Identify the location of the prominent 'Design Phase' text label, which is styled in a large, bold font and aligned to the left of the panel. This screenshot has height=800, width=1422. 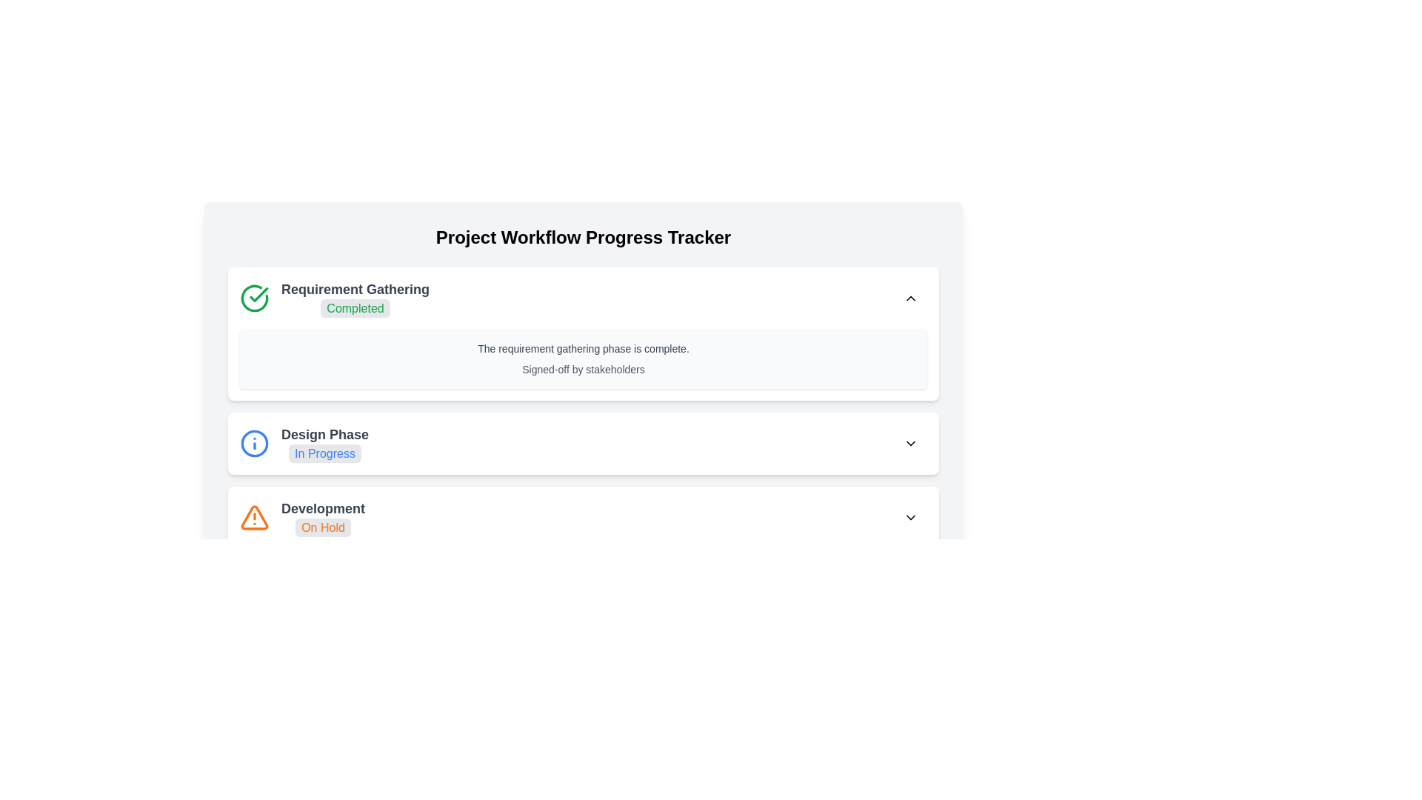
(324, 433).